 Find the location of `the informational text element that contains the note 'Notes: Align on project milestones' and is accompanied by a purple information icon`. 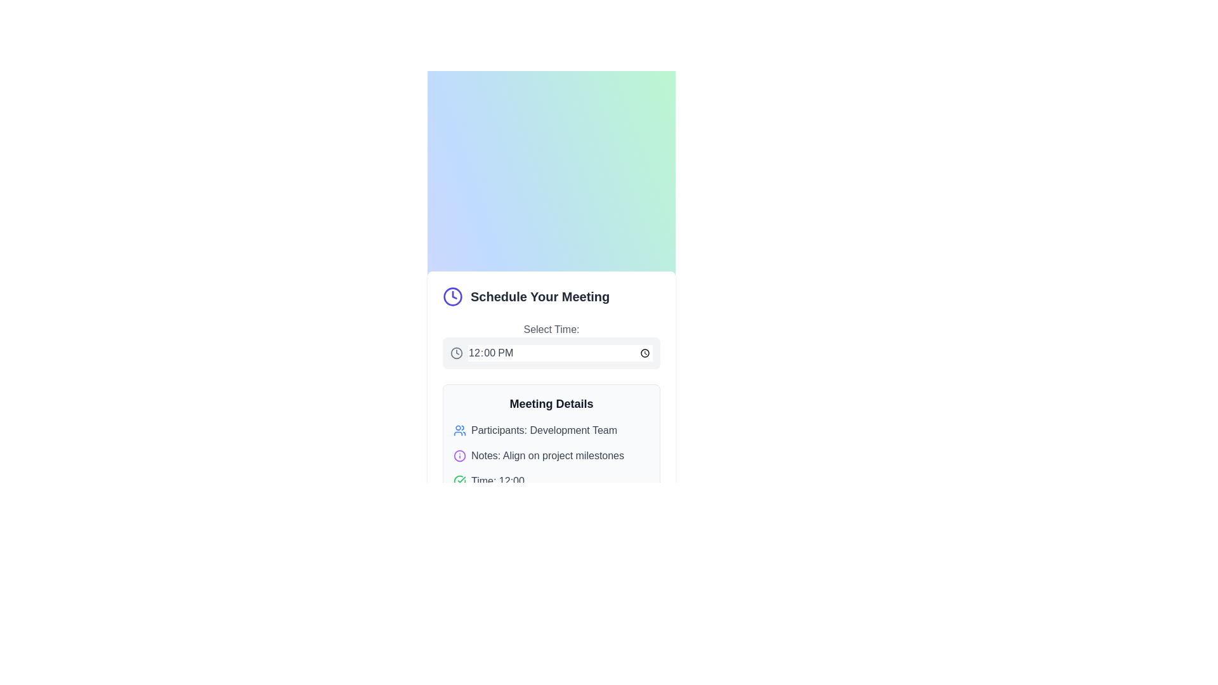

the informational text element that contains the note 'Notes: Align on project milestones' and is accompanied by a purple information icon is located at coordinates (551, 455).